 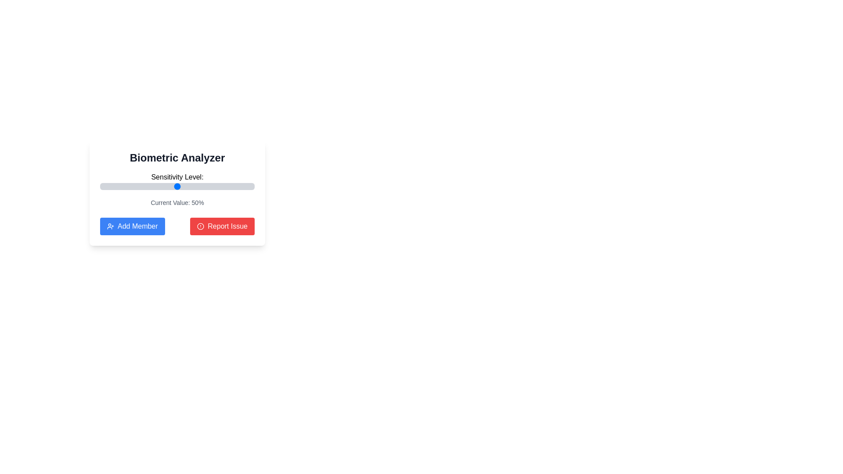 I want to click on the 'Biometric Analyzer' interactive widget, so click(x=177, y=198).